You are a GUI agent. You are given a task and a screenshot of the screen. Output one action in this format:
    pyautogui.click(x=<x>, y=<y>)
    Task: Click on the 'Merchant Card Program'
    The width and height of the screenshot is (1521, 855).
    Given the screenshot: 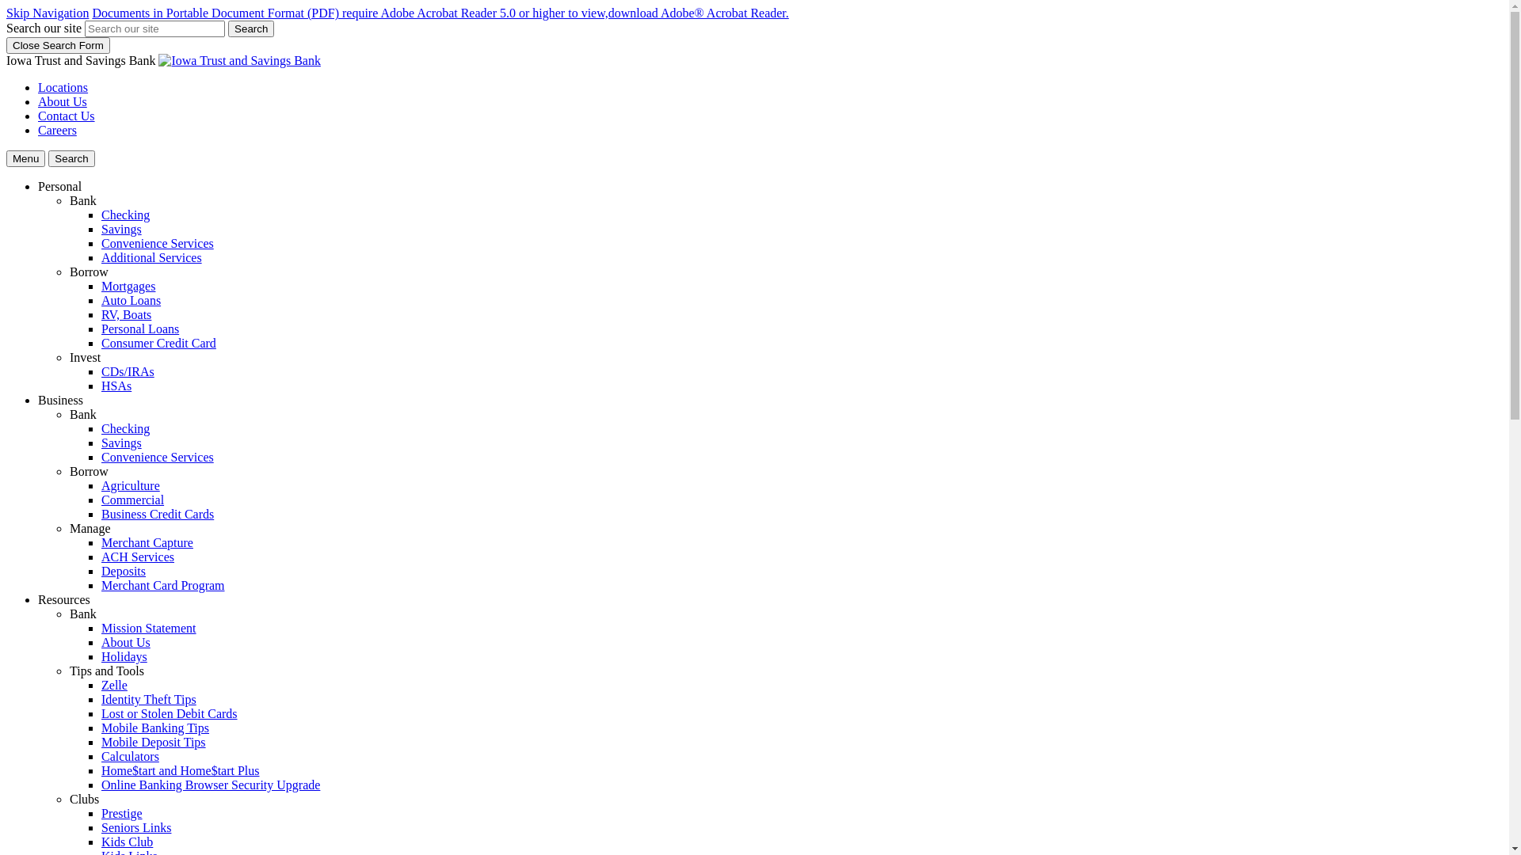 What is the action you would take?
    pyautogui.click(x=163, y=585)
    